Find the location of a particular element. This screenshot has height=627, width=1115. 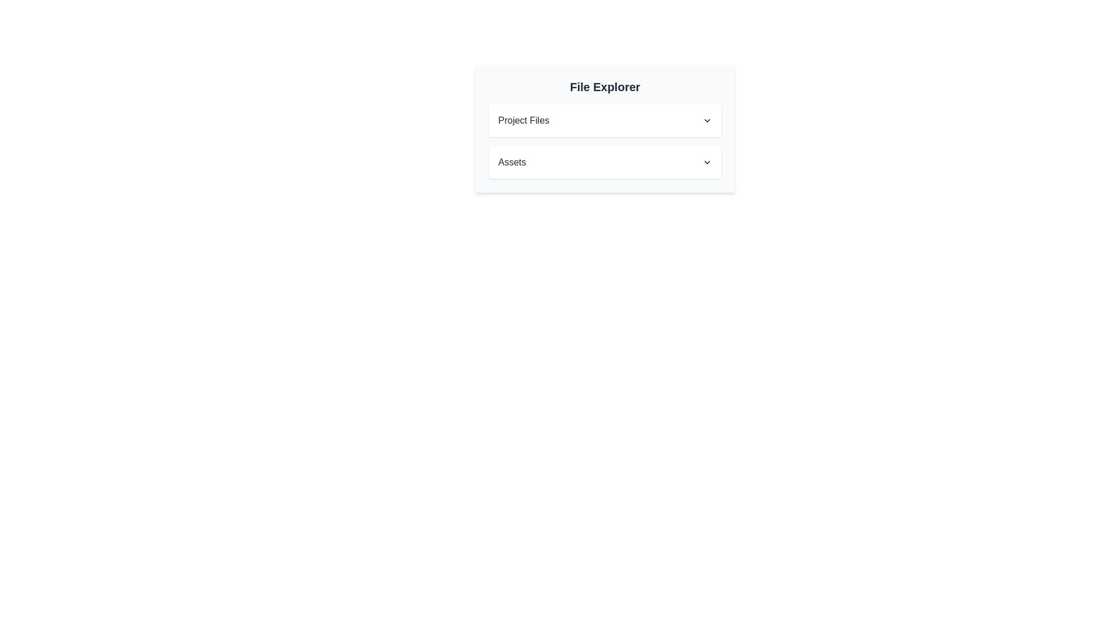

the 'File Explorer' dropdown options element, which contains the labels 'Project Files' and 'Assets' is located at coordinates (604, 129).